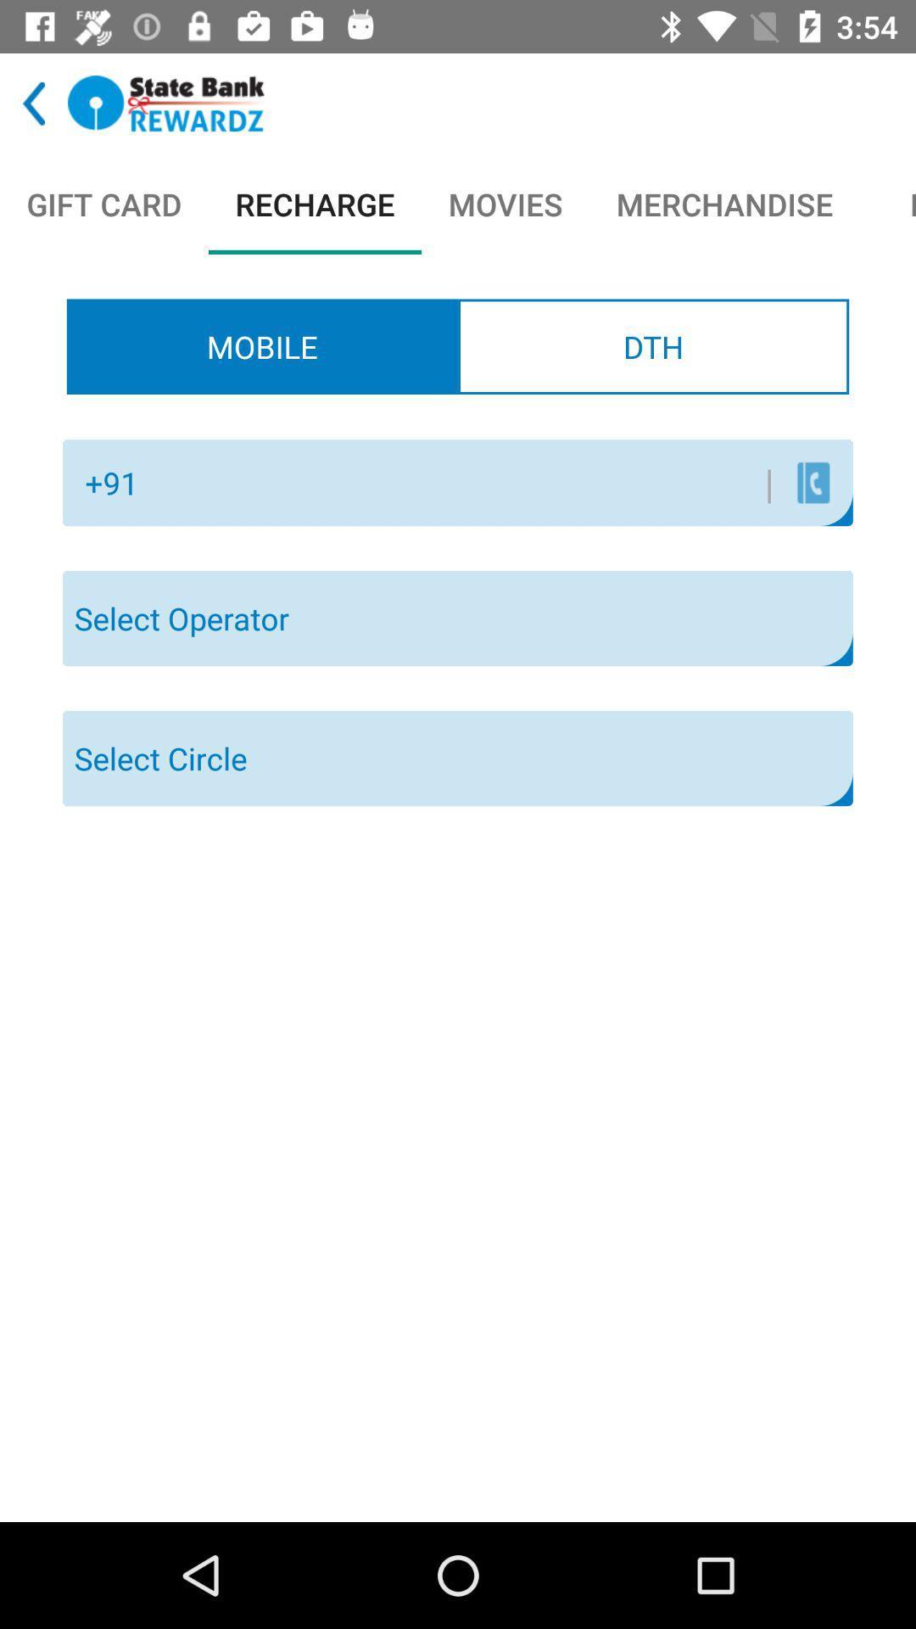 Image resolution: width=916 pixels, height=1629 pixels. What do you see at coordinates (262, 345) in the screenshot?
I see `the mobile radio button` at bounding box center [262, 345].